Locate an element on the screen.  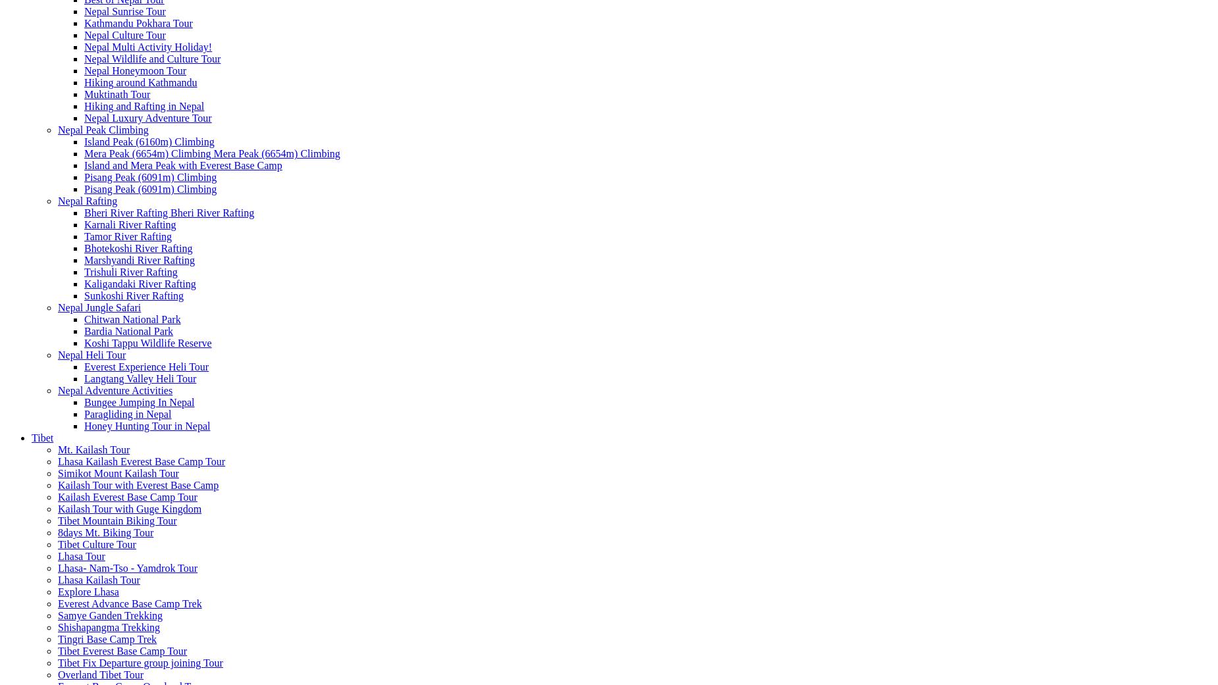
'Simikot Mount Kailash Tour' is located at coordinates (117, 472).